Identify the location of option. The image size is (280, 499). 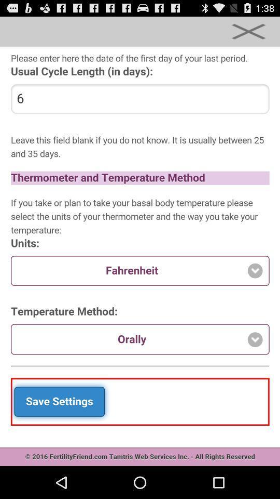
(248, 31).